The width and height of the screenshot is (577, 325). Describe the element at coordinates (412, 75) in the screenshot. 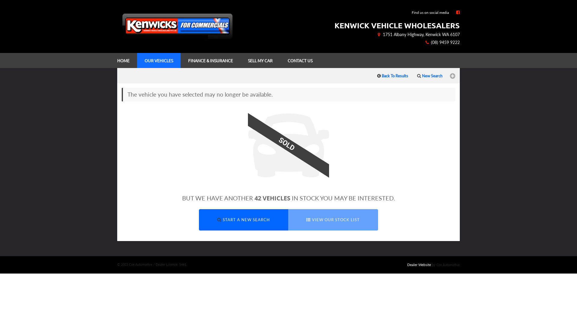

I see `'New Search'` at that location.